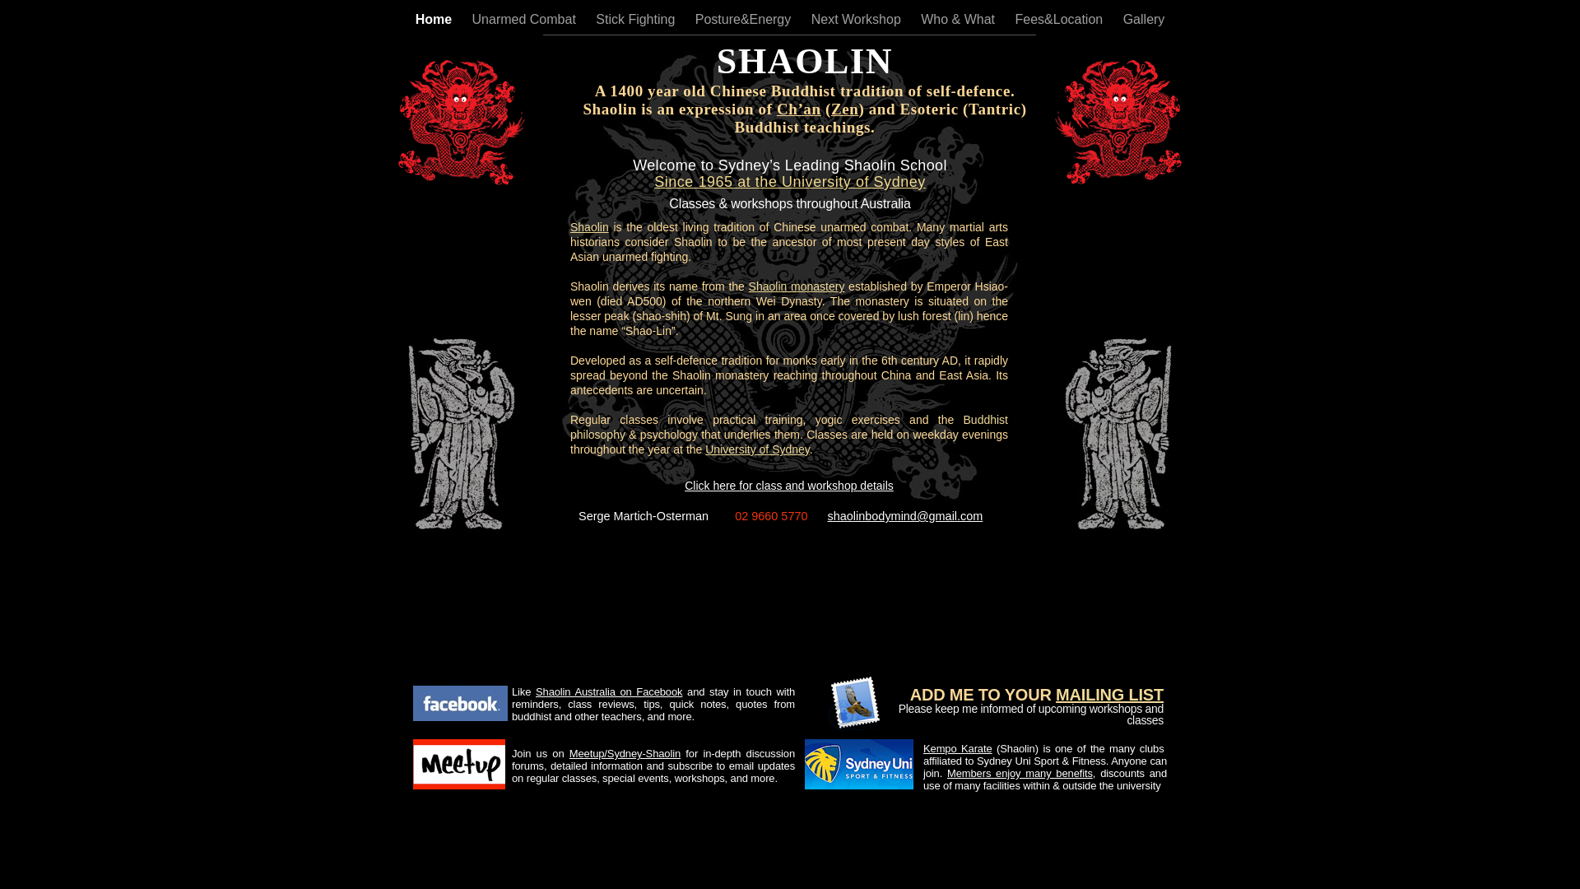  I want to click on 'Kempo Karate', so click(957, 748).